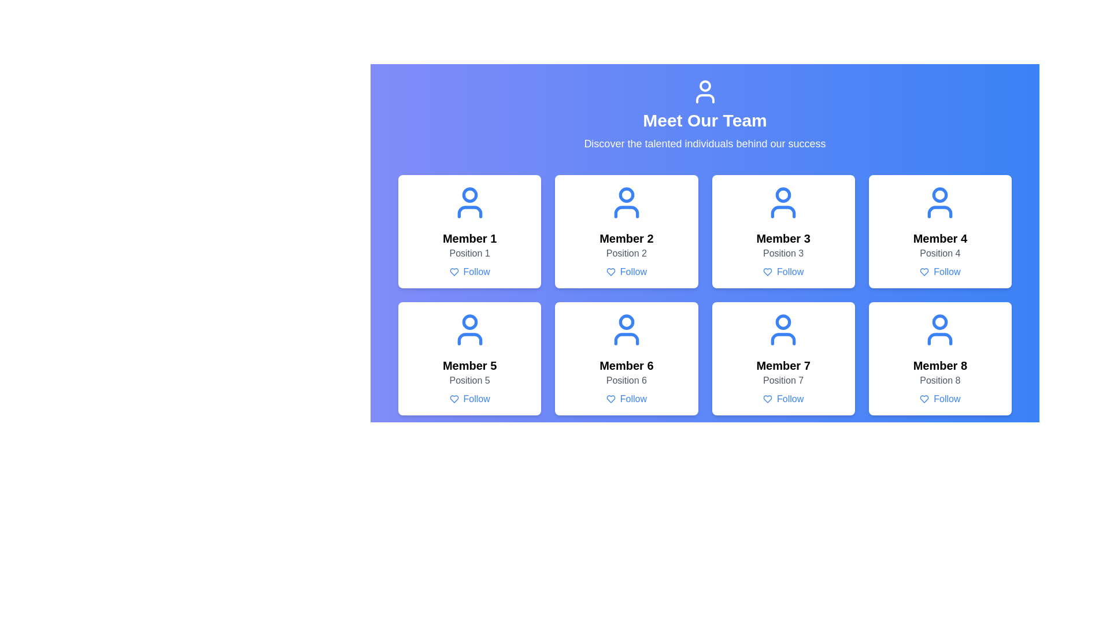 The image size is (1110, 624). What do you see at coordinates (469, 329) in the screenshot?
I see `the blue-colored user icon at the top of the 'Member 5' card, which consists of a circular head and shoulder outline` at bounding box center [469, 329].